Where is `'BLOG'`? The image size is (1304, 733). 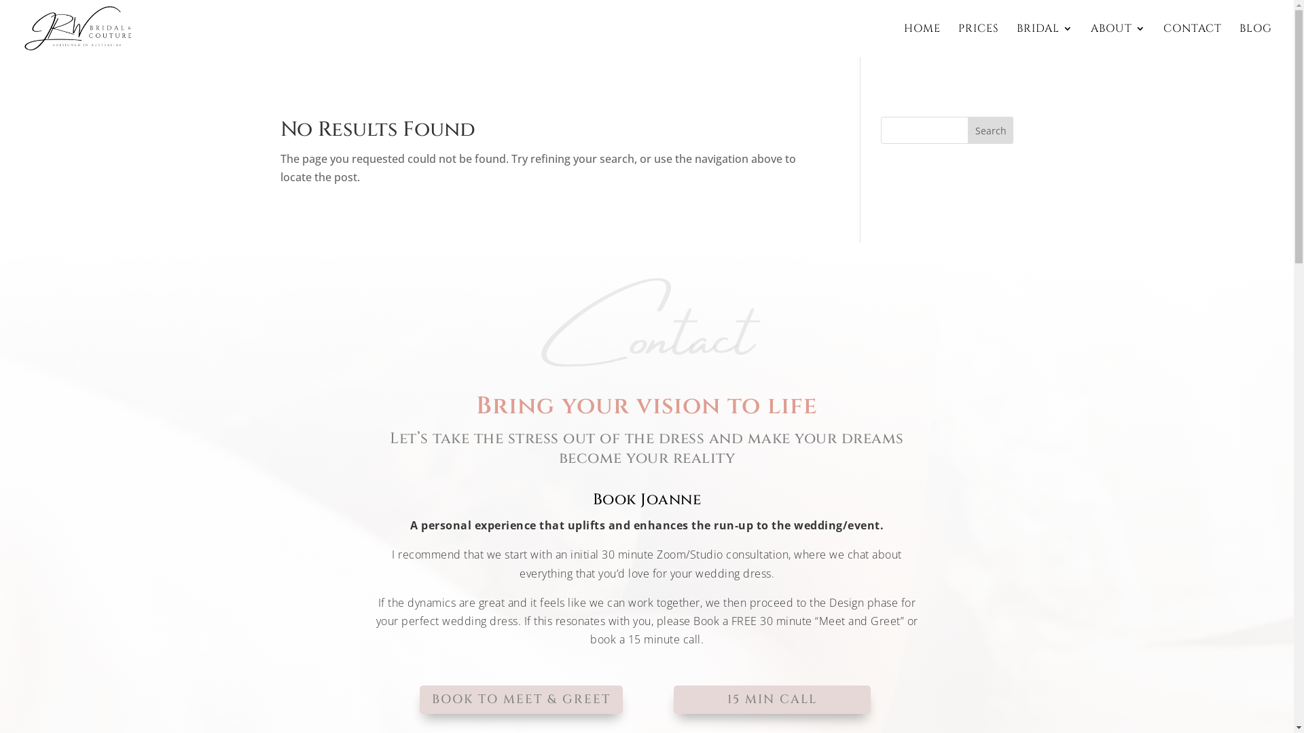
'BLOG' is located at coordinates (1239, 39).